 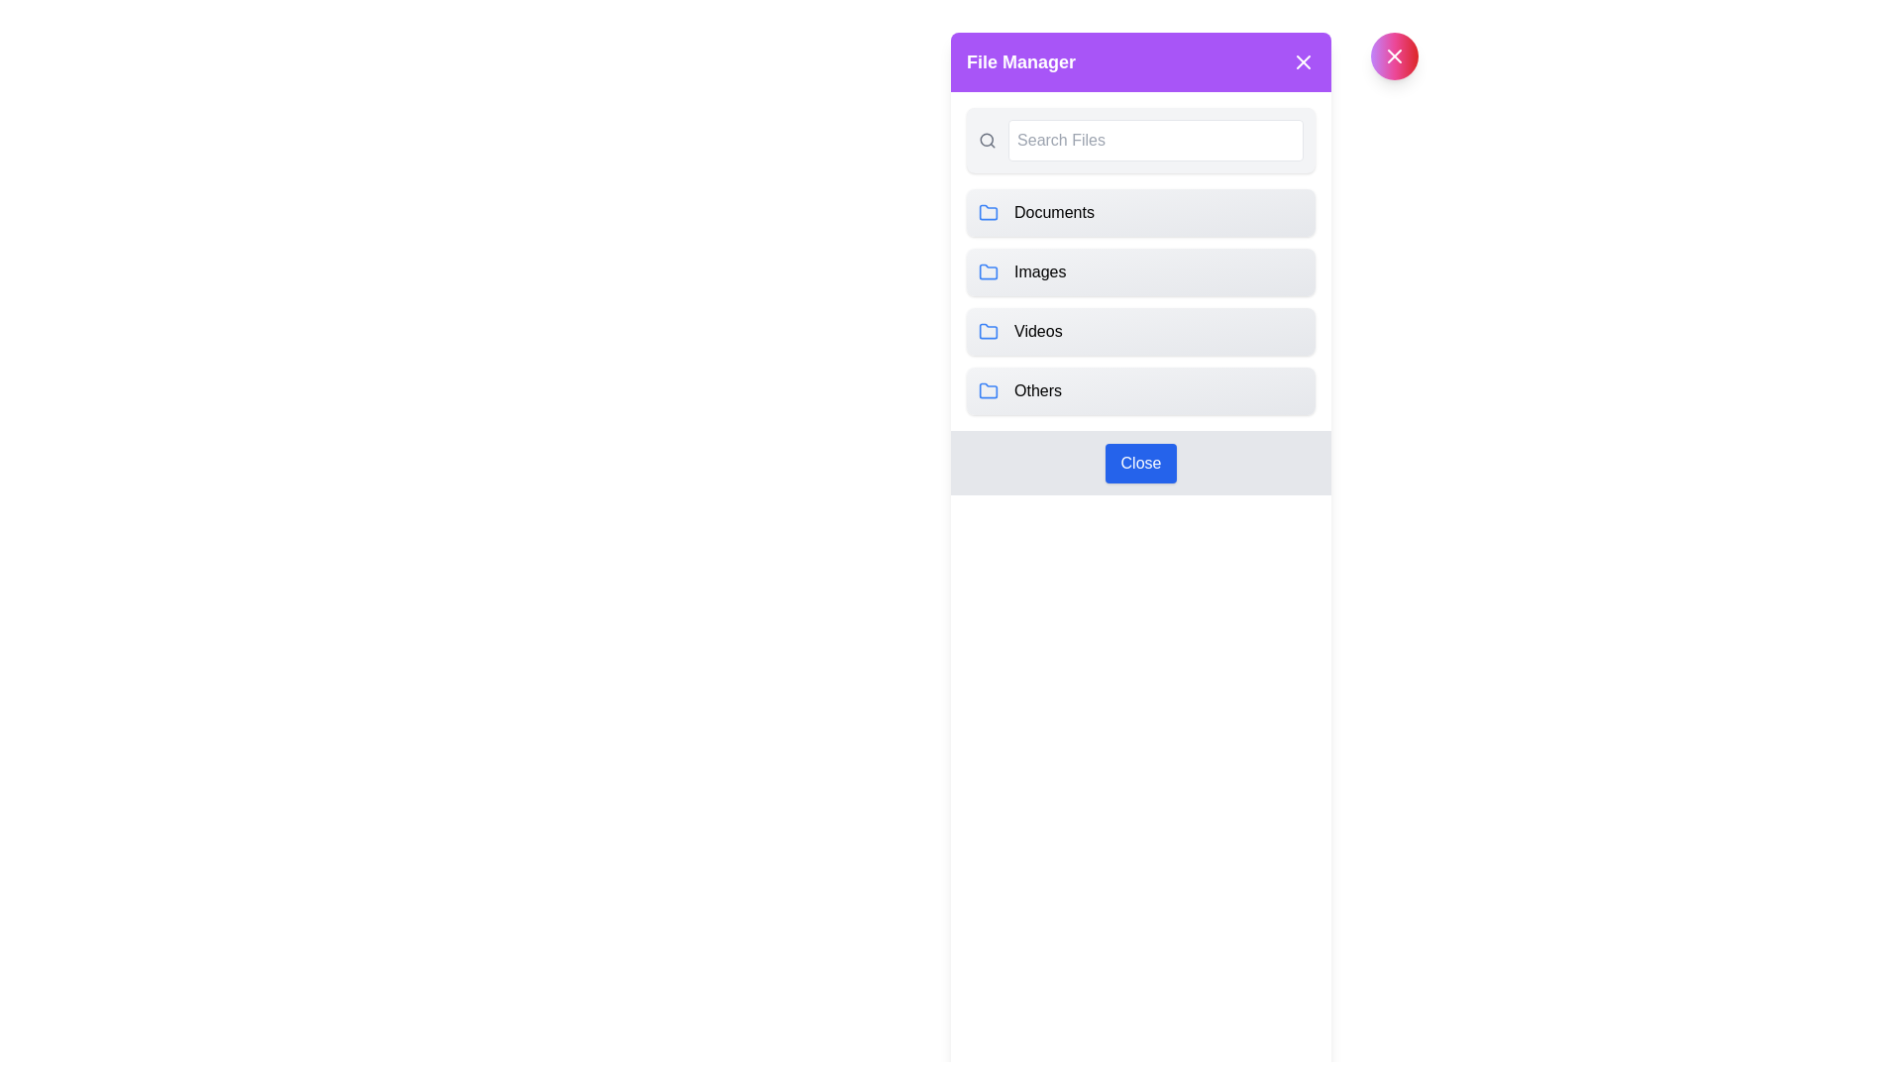 What do you see at coordinates (987, 139) in the screenshot?
I see `the circular search icon located in the header section of the sidebar popup, adjacent to the 'Search Files' input field` at bounding box center [987, 139].